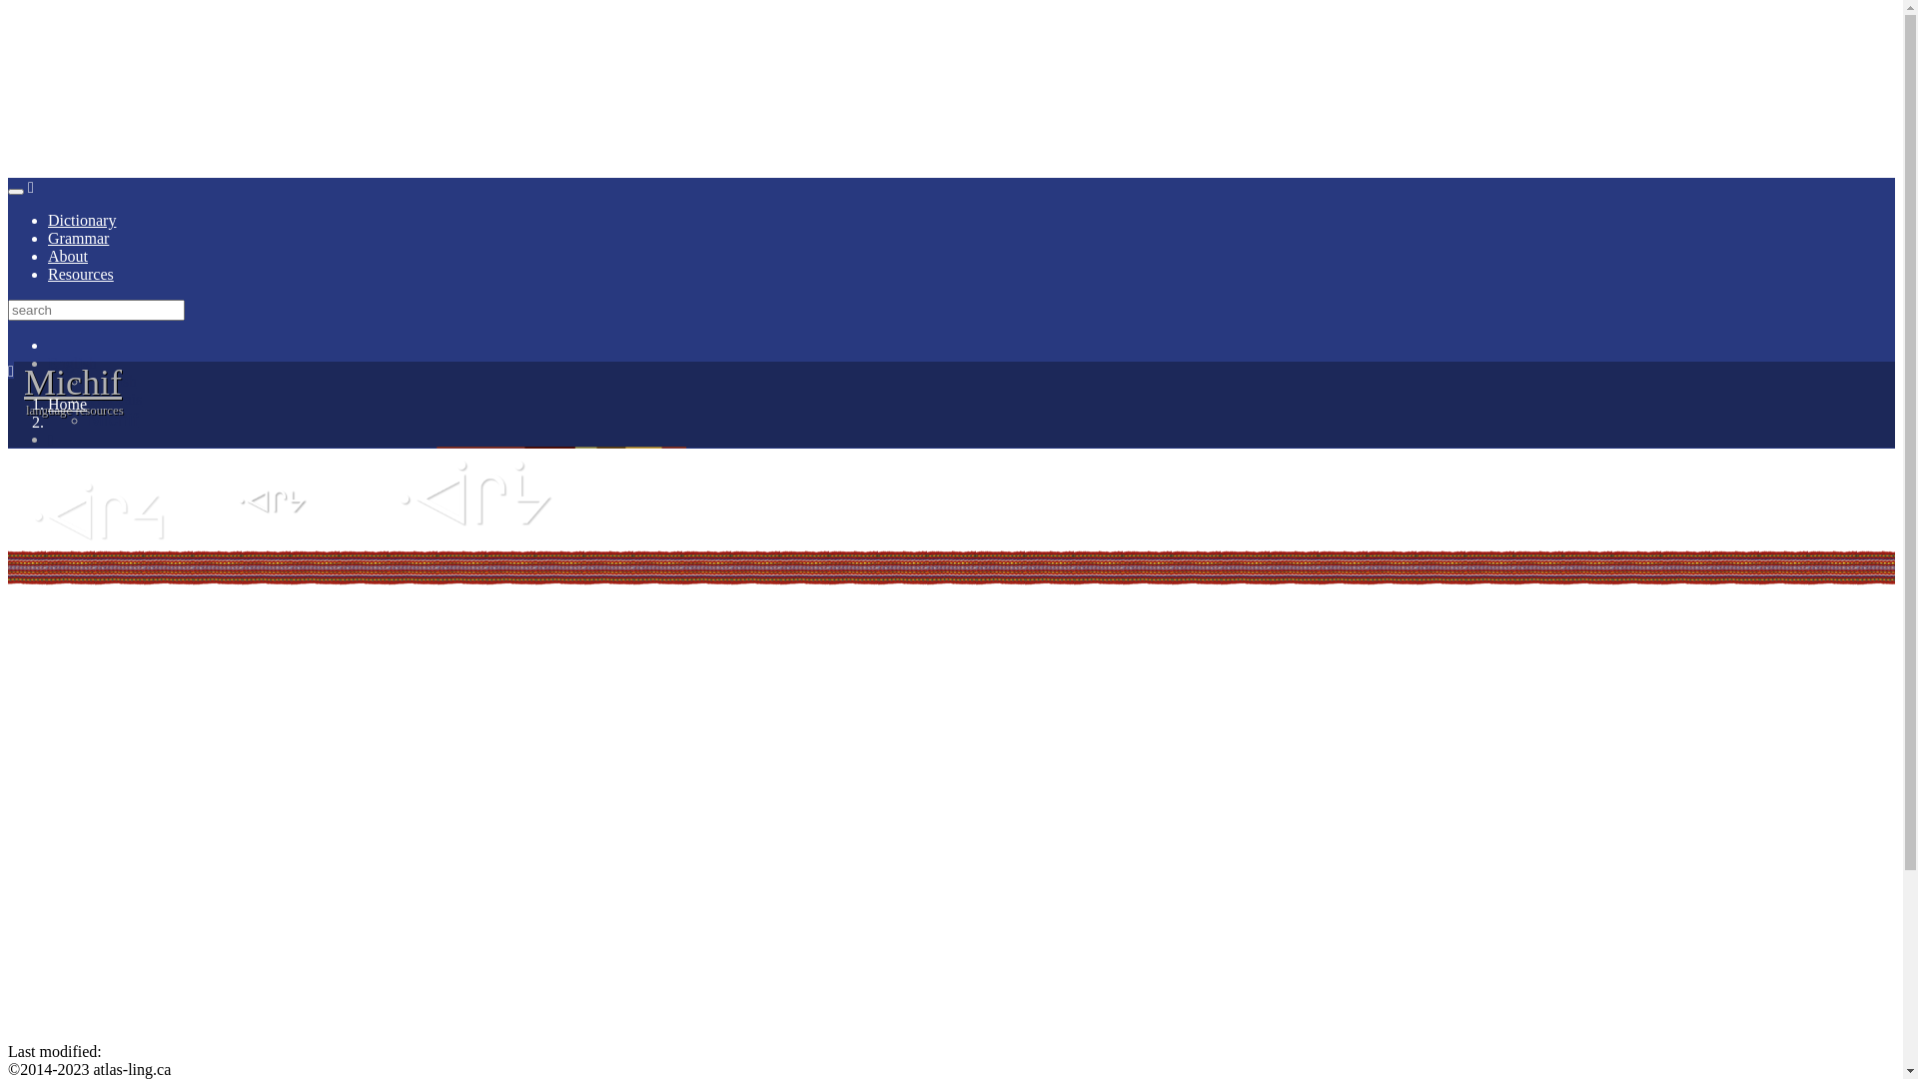  What do you see at coordinates (971, 438) in the screenshot?
I see `'0'` at bounding box center [971, 438].